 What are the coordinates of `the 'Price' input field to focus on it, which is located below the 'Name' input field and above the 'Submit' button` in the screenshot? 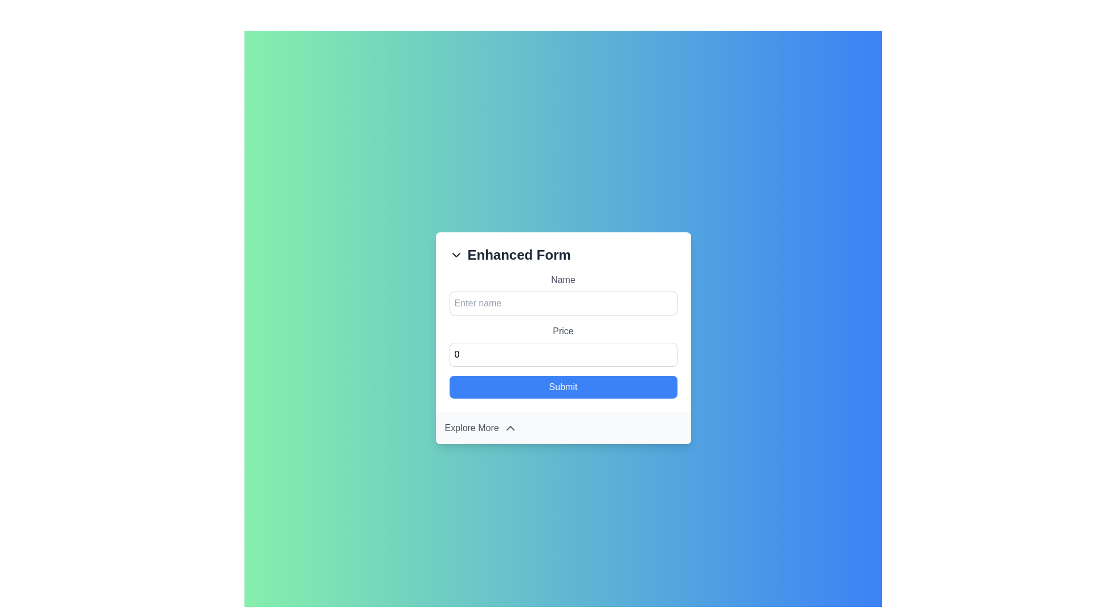 It's located at (563, 345).